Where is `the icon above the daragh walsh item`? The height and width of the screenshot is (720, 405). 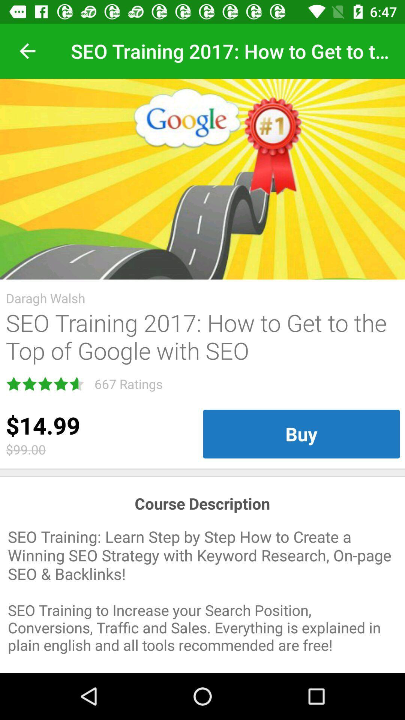 the icon above the daragh walsh item is located at coordinates (202, 178).